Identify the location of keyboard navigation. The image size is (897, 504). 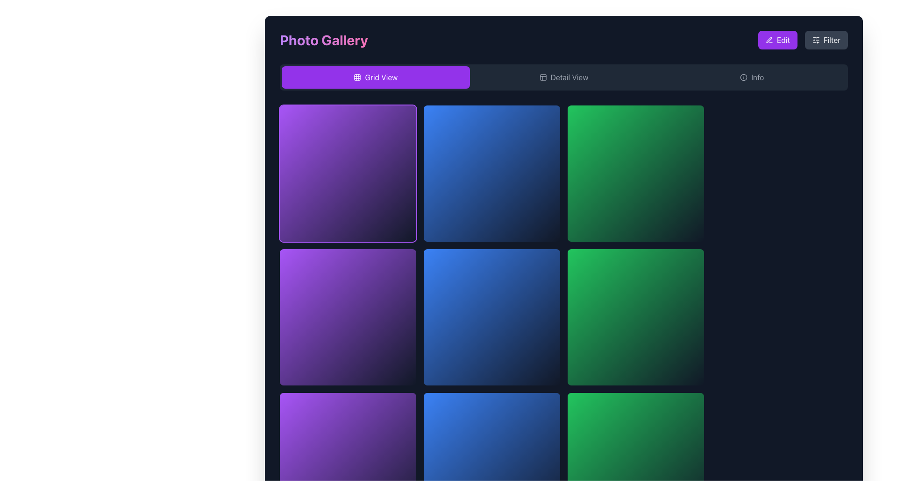
(563, 77).